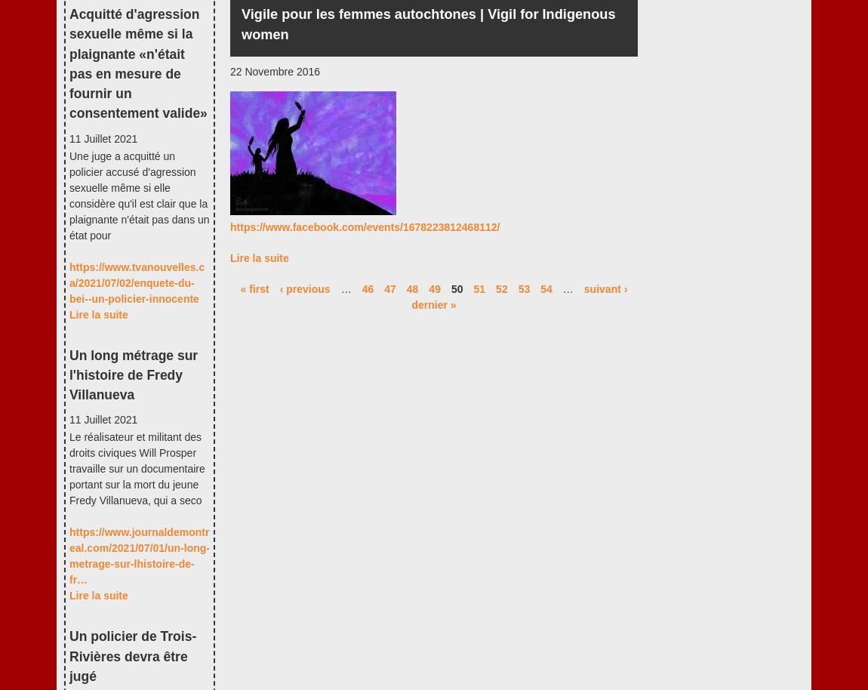 The width and height of the screenshot is (868, 690). Describe the element at coordinates (275, 71) in the screenshot. I see `'22 Novembre 2016'` at that location.